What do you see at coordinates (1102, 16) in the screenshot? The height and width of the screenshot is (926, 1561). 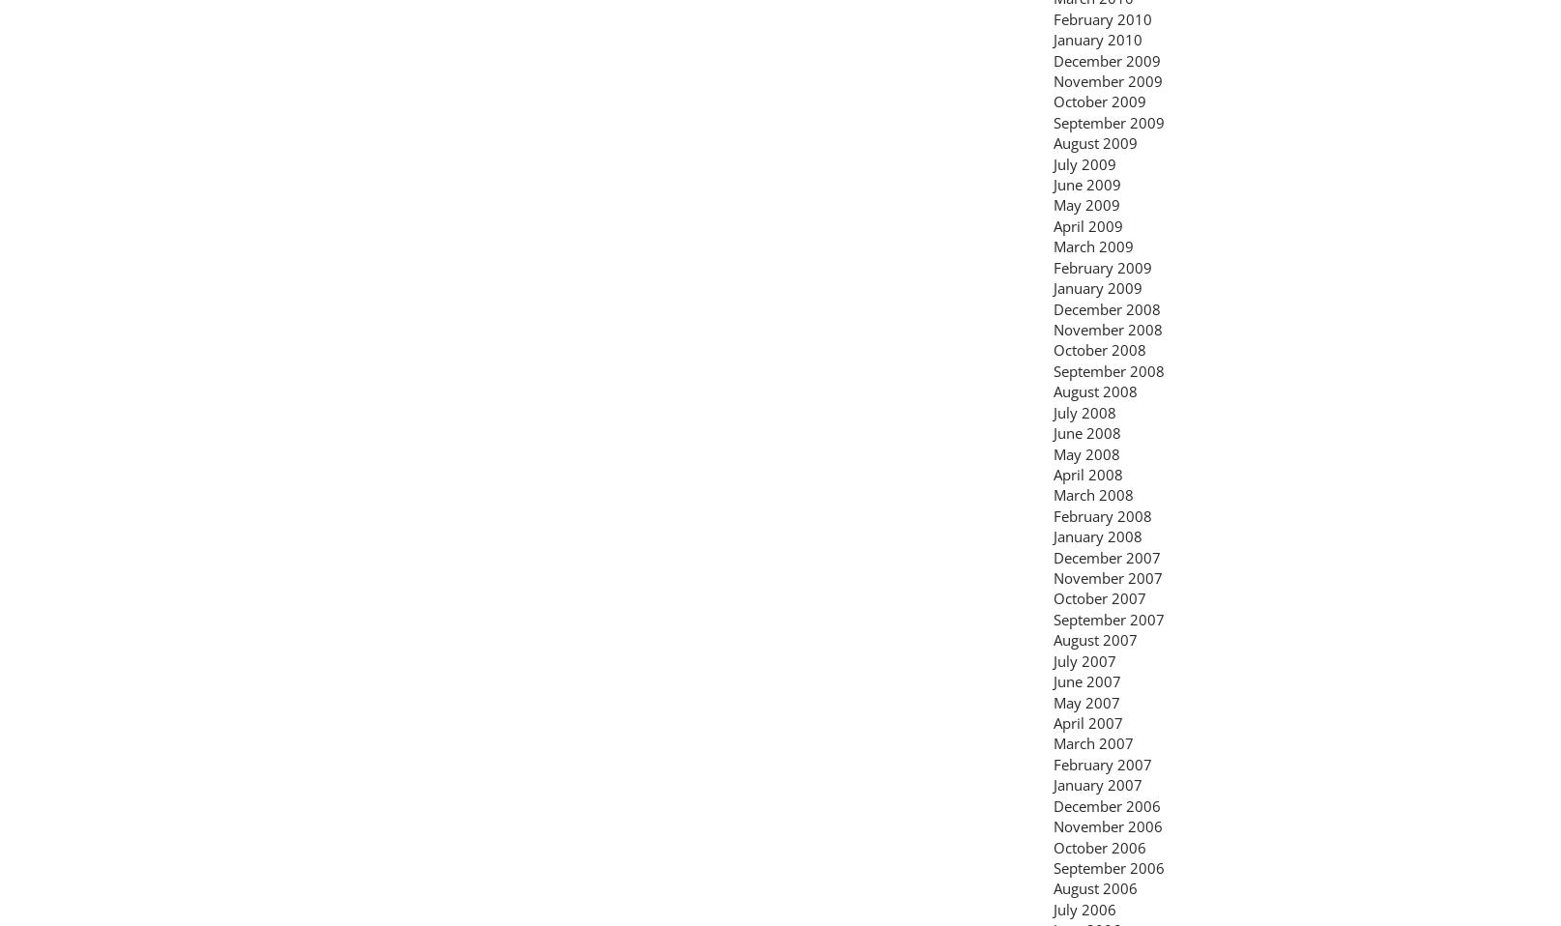 I see `'February 2010'` at bounding box center [1102, 16].